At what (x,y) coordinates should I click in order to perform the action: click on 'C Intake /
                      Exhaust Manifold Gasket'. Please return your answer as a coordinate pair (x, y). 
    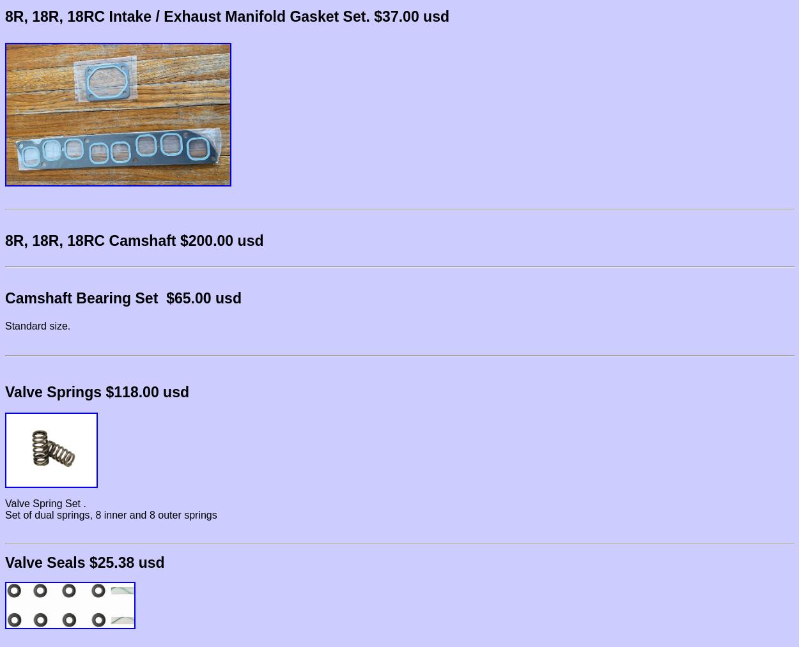
    Looking at the image, I should click on (215, 16).